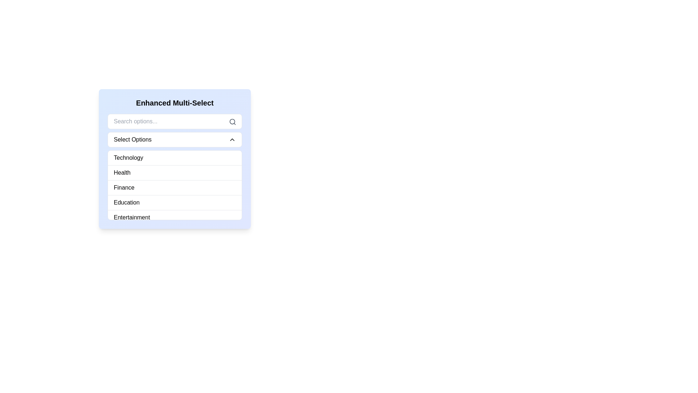 This screenshot has height=393, width=698. Describe the element at coordinates (127, 202) in the screenshot. I see `on the 'Education' option in the dropdown menu of the 'Enhanced Multi-Select' module` at that location.